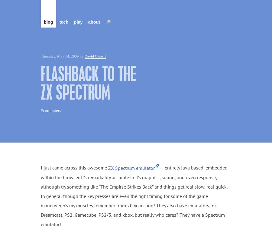 The image size is (272, 227). I want to click on 'David Gilbert', so click(84, 56).